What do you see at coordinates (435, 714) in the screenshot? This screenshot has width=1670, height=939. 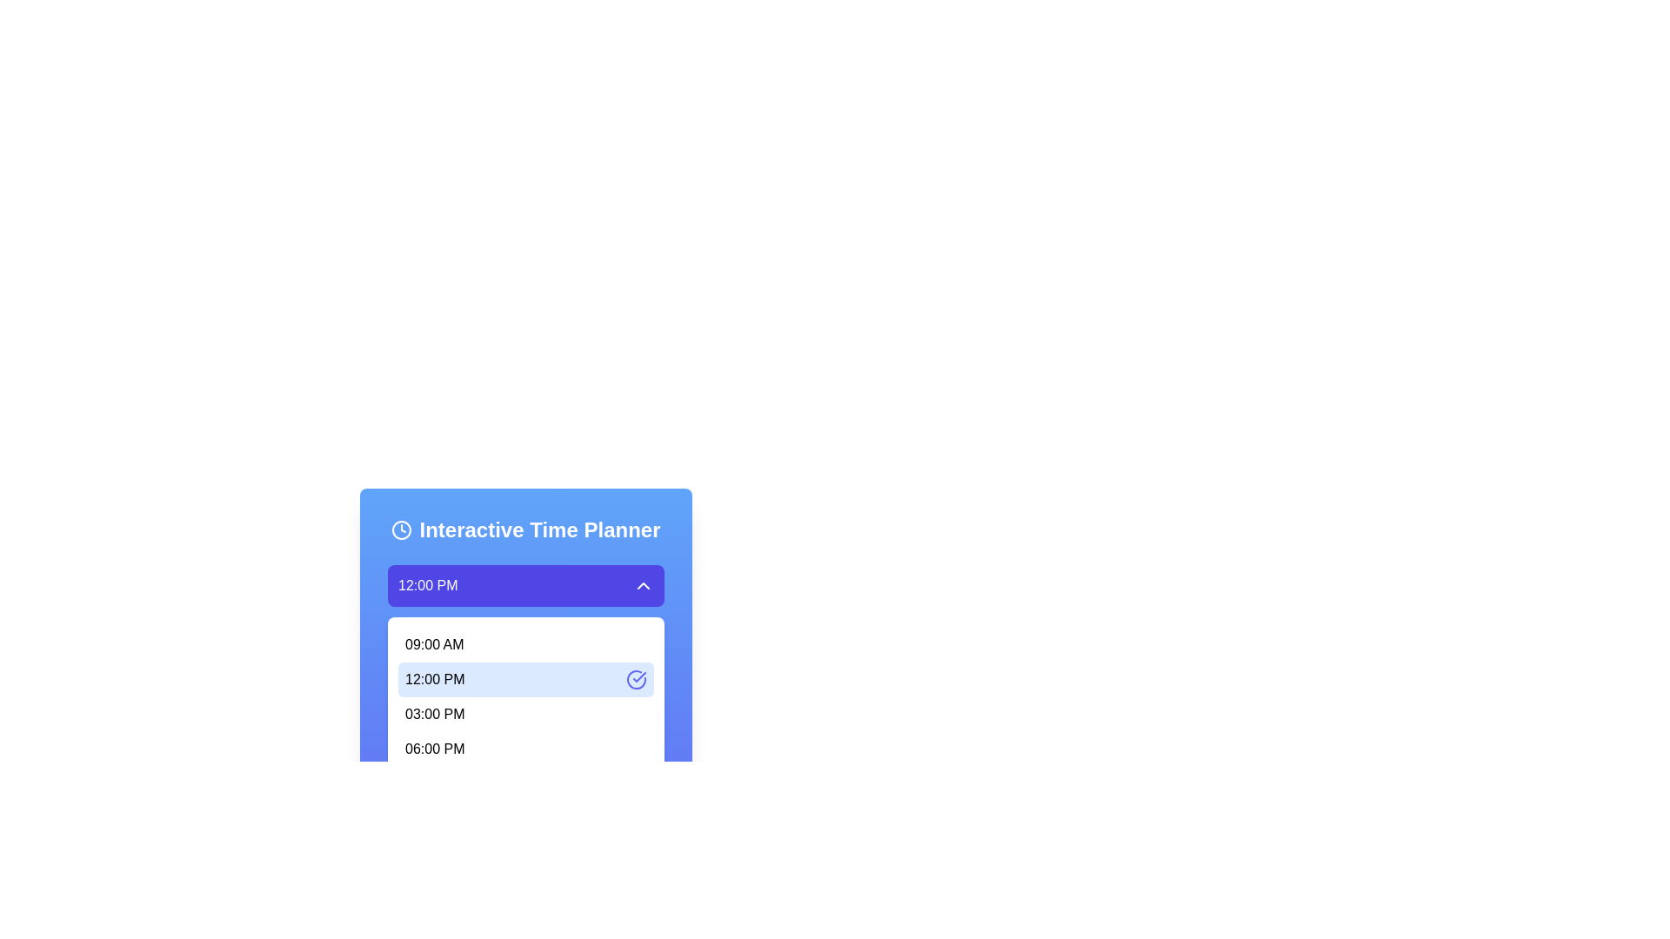 I see `the third listed time slot, which is a selectable time option in the dropdown menu of the time scheduling interface, located between '12:00 PM' and '06:00 PM'` at bounding box center [435, 714].